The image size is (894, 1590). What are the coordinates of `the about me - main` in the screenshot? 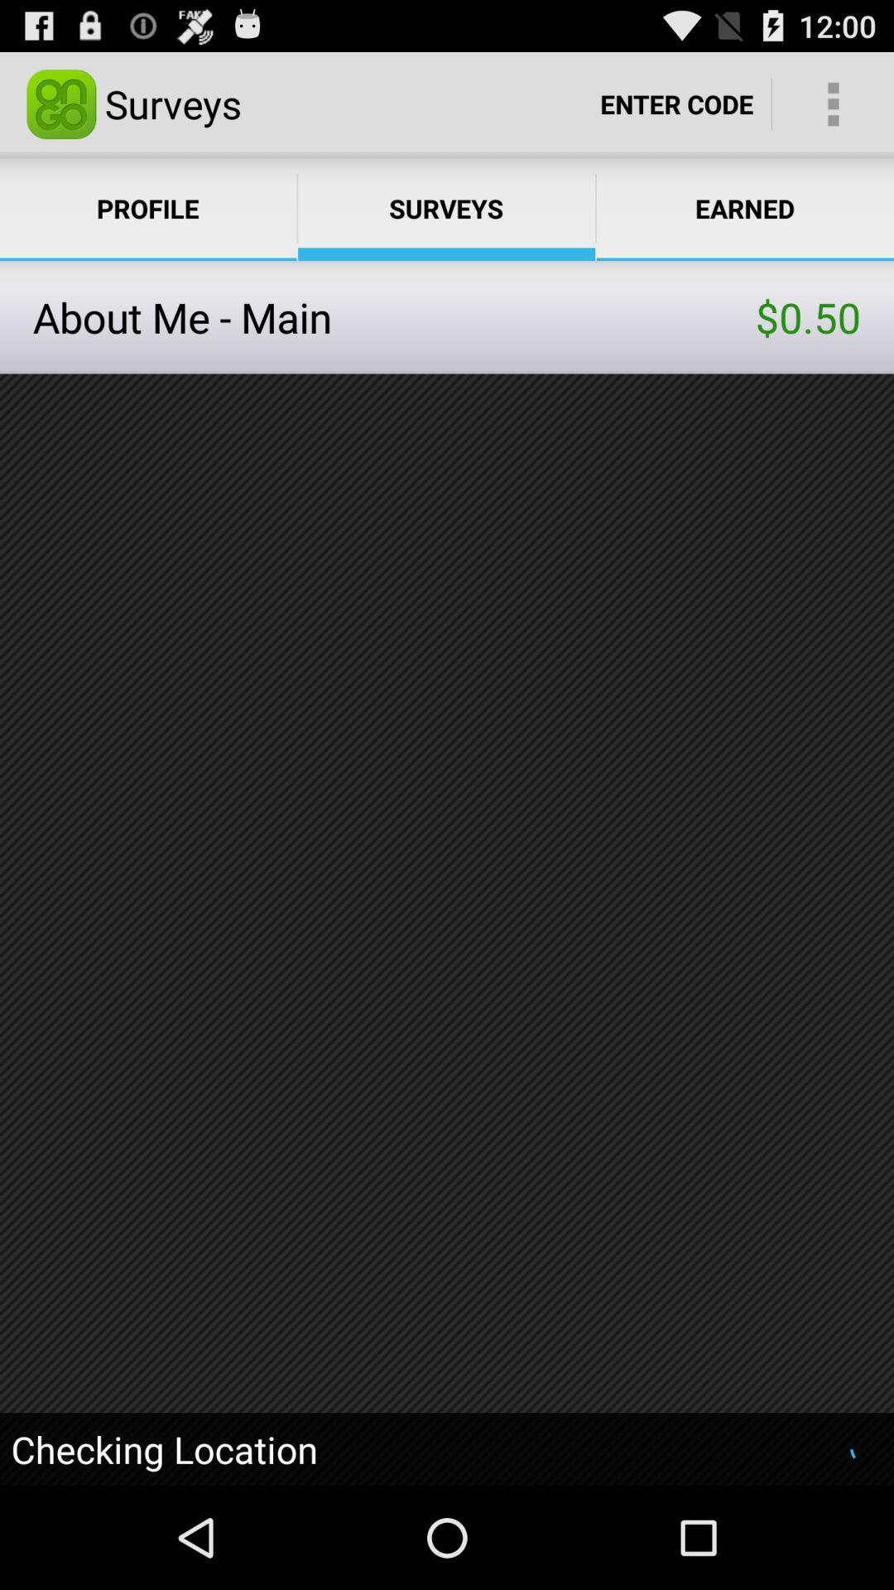 It's located at (394, 317).